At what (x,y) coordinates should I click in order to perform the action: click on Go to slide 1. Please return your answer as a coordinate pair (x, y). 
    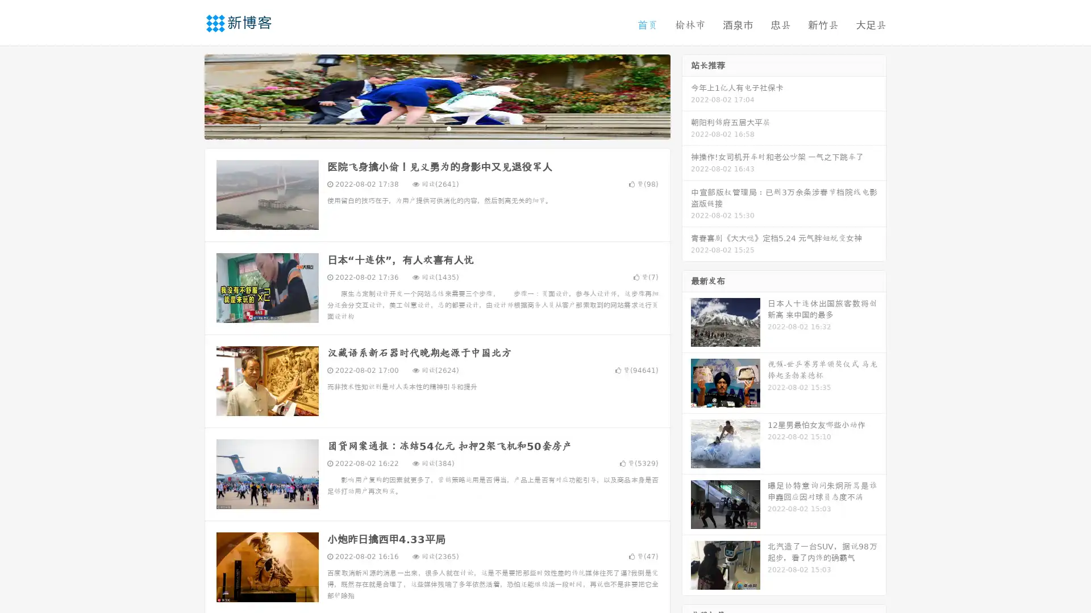
    Looking at the image, I should click on (425, 128).